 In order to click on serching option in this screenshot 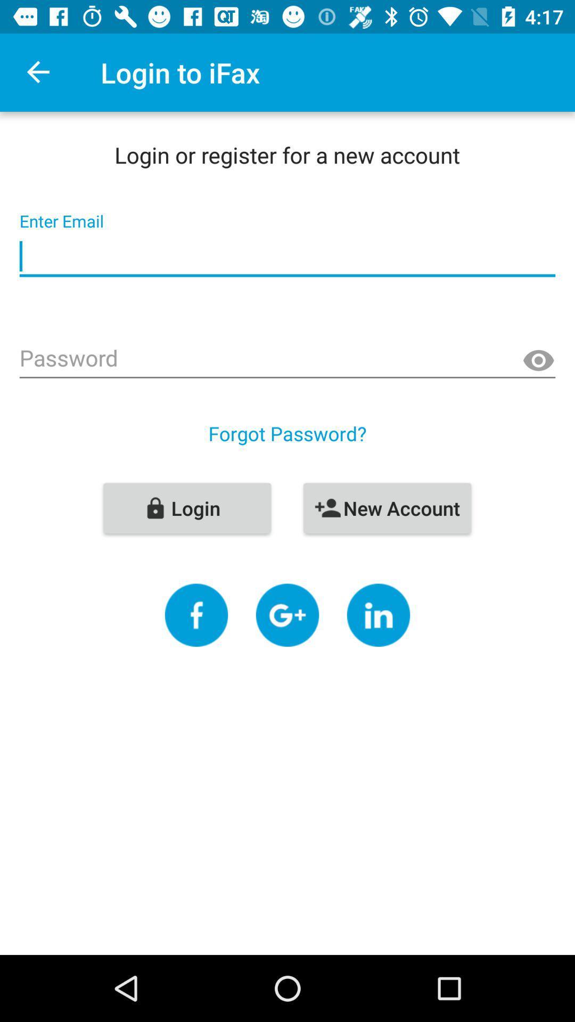, I will do `click(287, 615)`.